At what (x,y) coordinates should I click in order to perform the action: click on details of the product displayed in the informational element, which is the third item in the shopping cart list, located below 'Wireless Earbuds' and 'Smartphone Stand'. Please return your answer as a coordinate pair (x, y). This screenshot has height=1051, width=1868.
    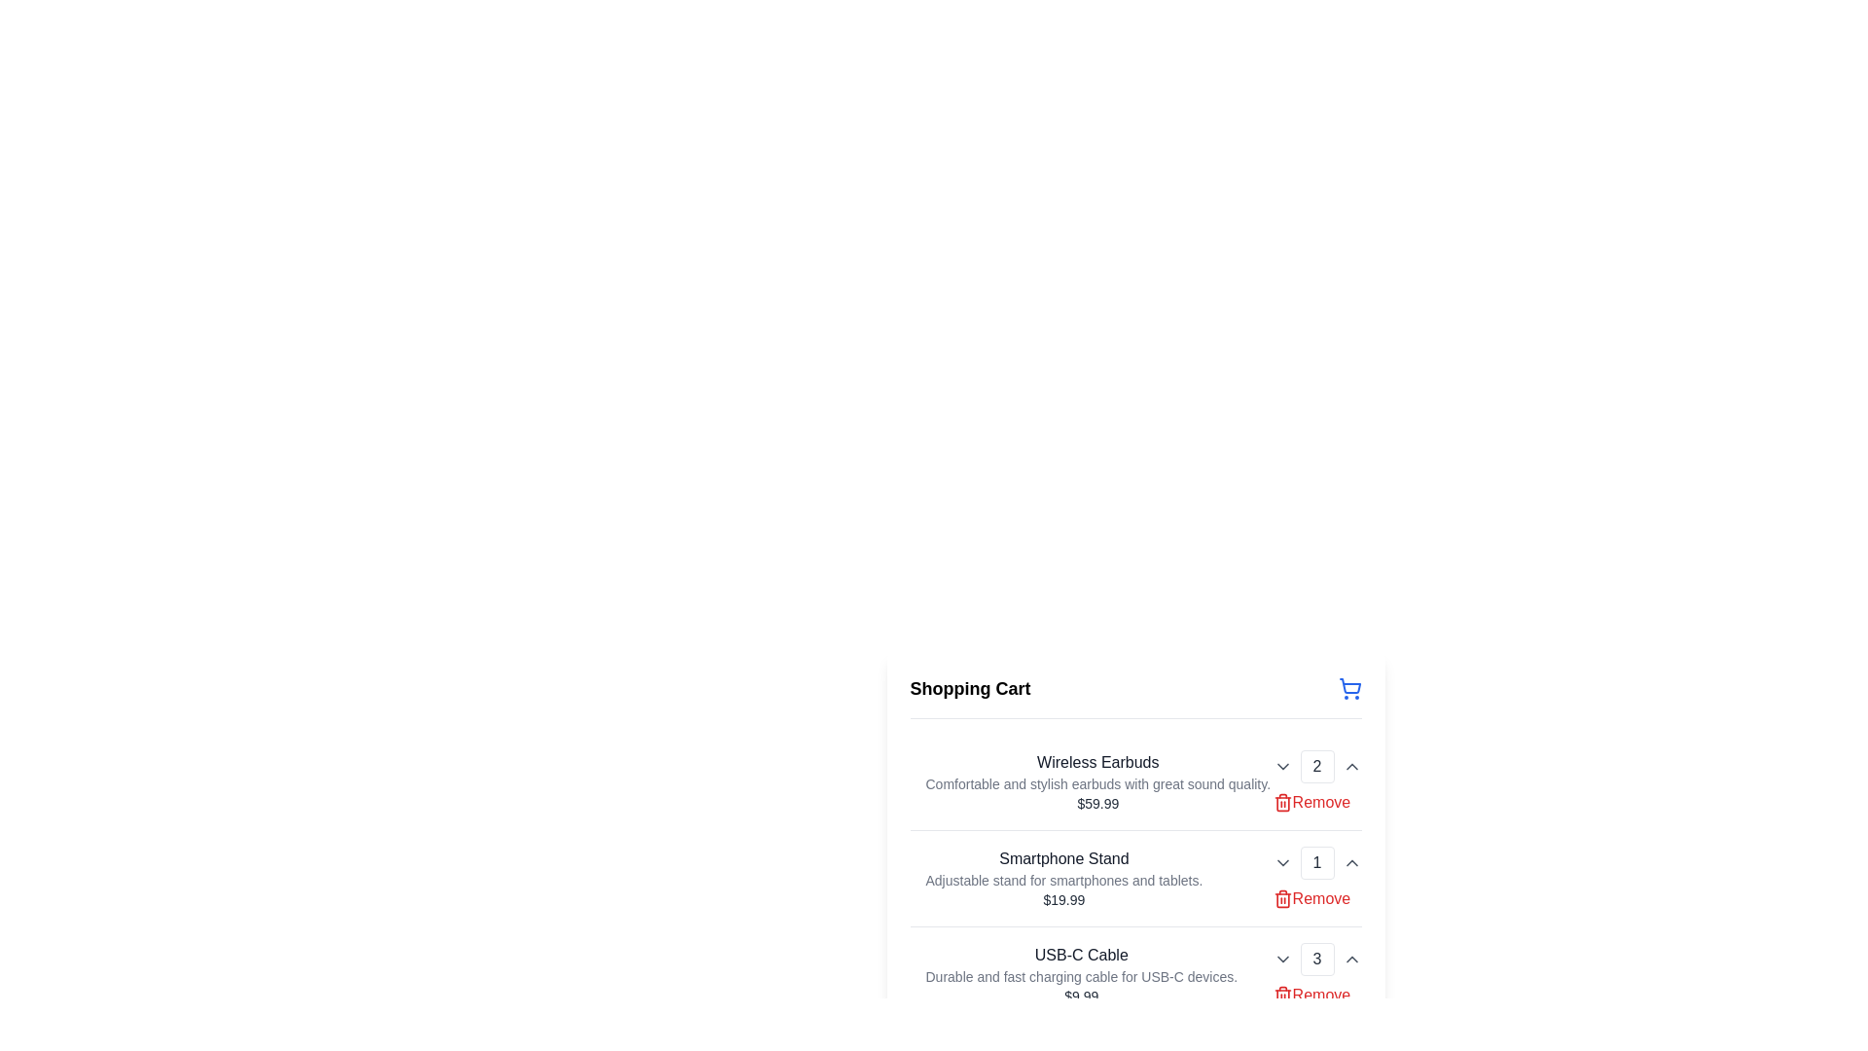
    Looking at the image, I should click on (1080, 975).